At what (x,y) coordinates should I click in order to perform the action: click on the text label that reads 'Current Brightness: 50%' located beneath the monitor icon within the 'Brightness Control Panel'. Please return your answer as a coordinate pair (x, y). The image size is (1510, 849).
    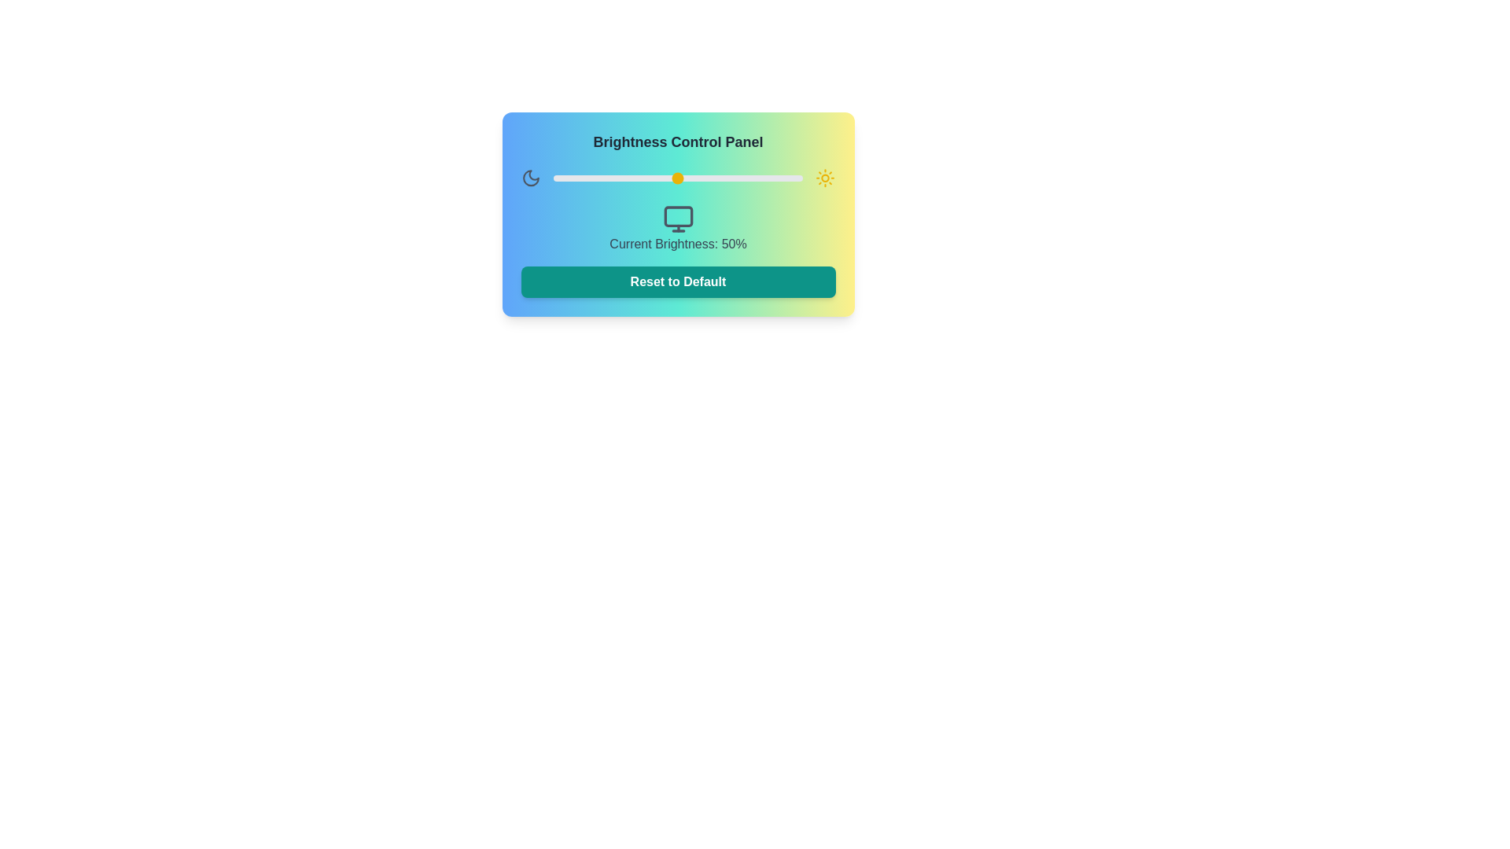
    Looking at the image, I should click on (678, 244).